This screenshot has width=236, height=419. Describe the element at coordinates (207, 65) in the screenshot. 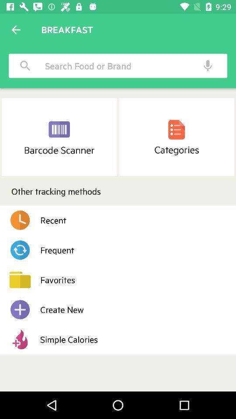

I see `the microphone icon` at that location.